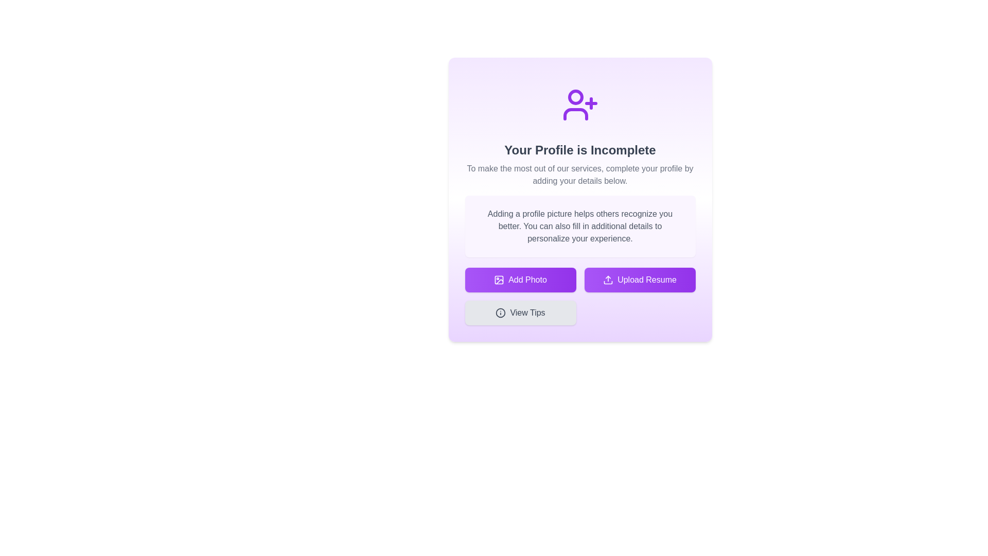 This screenshot has height=556, width=988. I want to click on the centered gray paragraph text located beneath the heading 'Your Profile is Incomplete' in the purple-themed profile completion section, so click(580, 174).